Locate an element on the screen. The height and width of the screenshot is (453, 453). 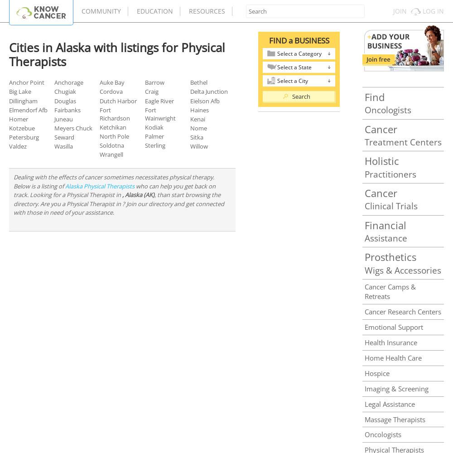
'Douglas' is located at coordinates (65, 100).